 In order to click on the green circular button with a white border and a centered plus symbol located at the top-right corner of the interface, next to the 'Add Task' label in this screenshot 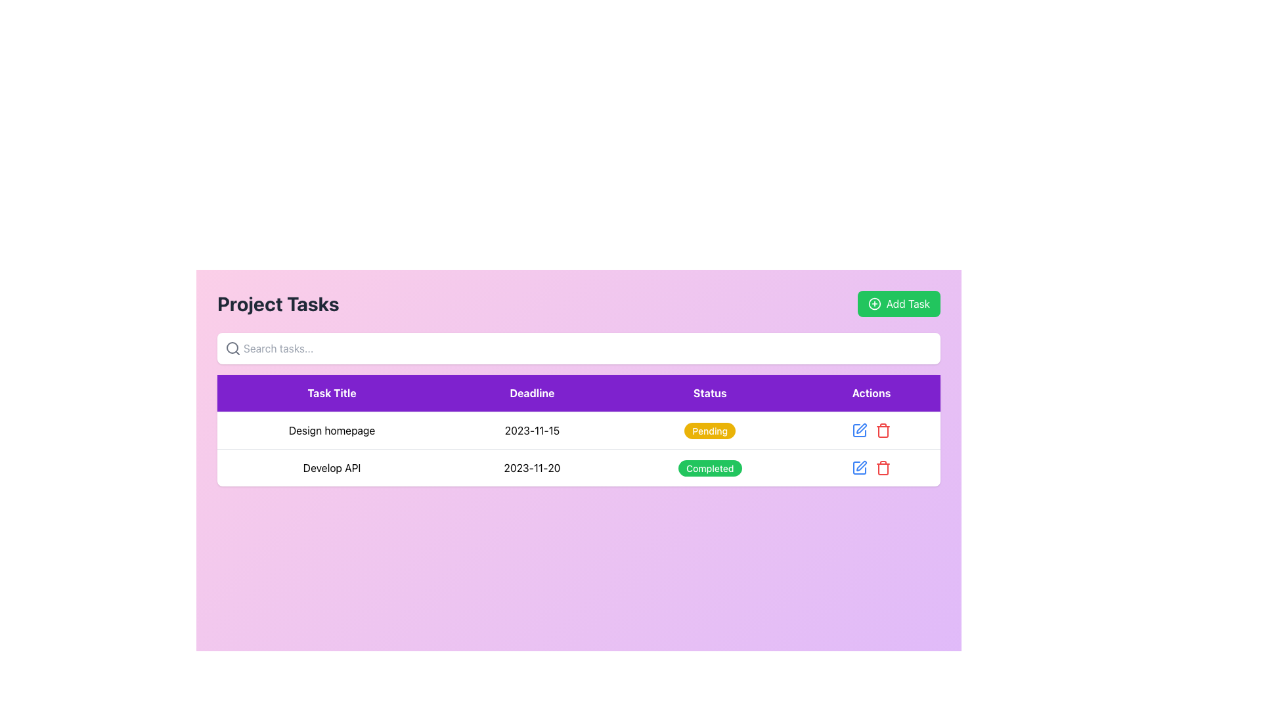, I will do `click(874, 303)`.